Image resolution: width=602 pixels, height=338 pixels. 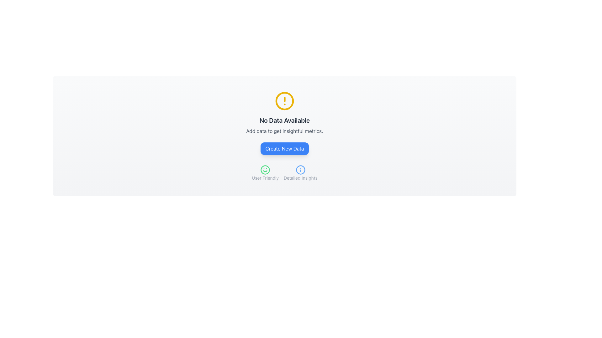 What do you see at coordinates (265, 173) in the screenshot?
I see `text label 'User Friendly' which is accompanied by a green smiley face icon and is the first element in its group` at bounding box center [265, 173].